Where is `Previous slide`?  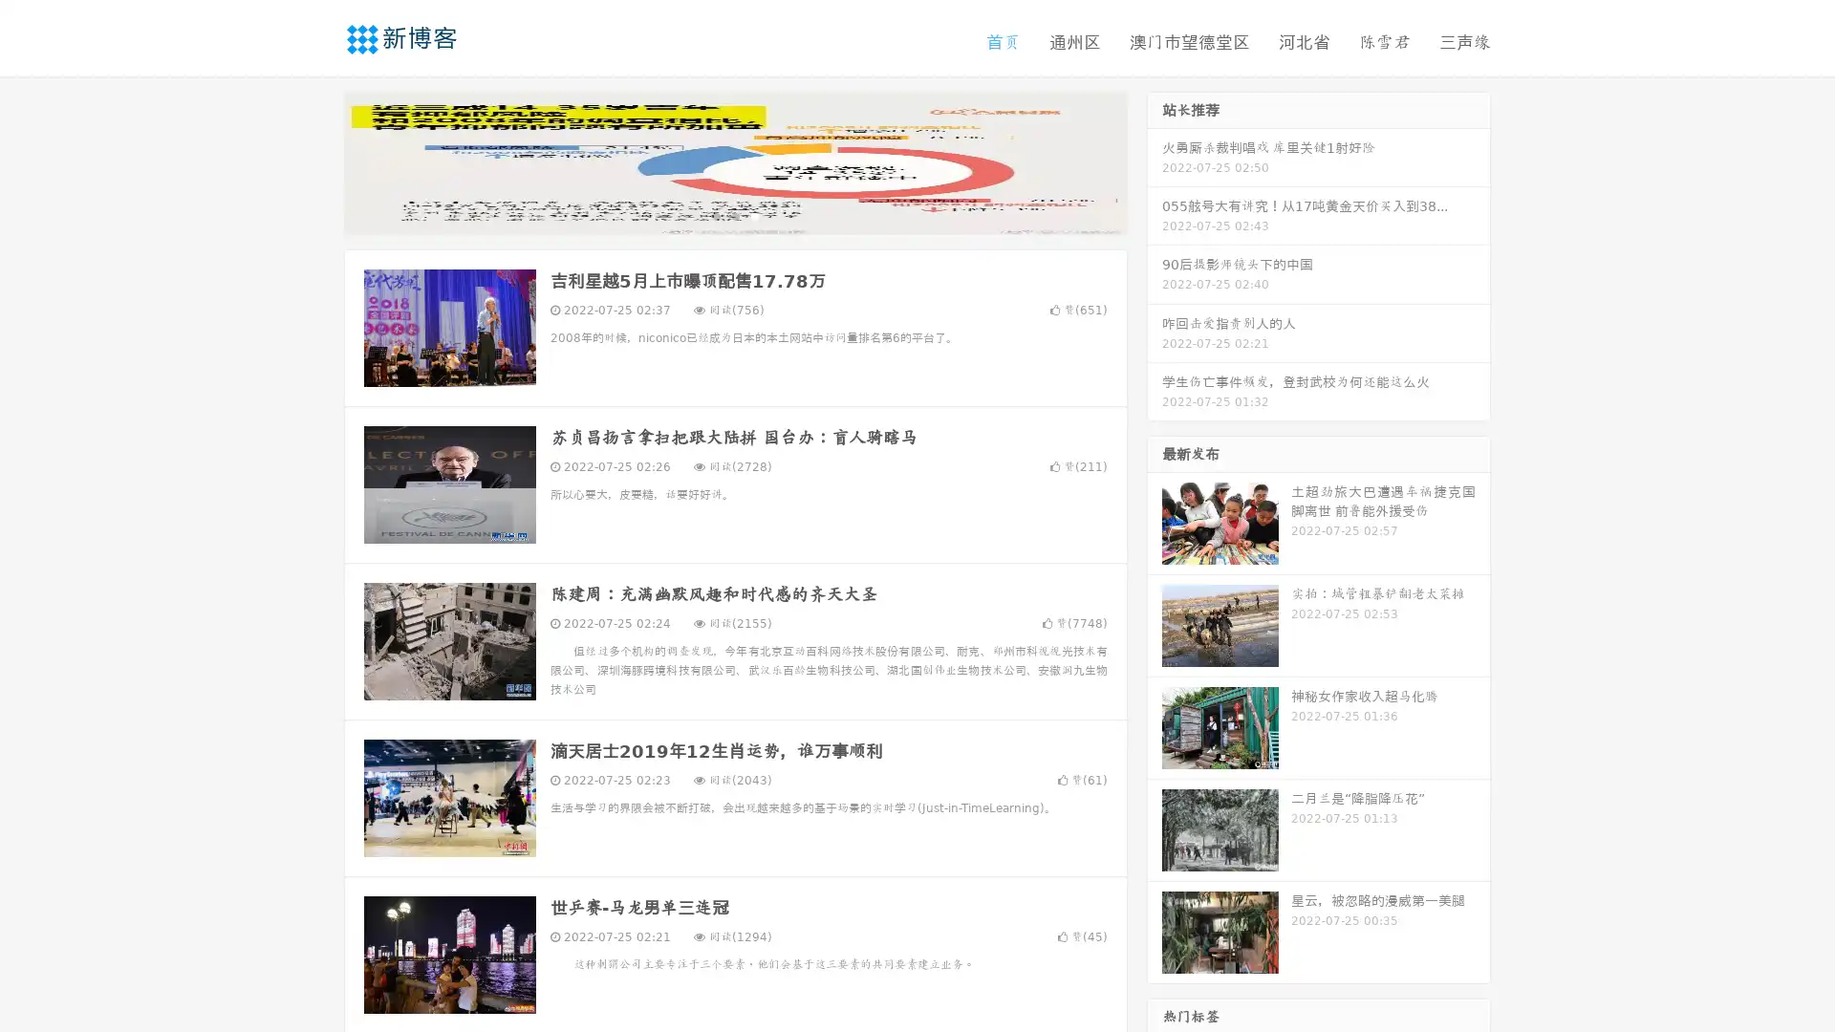 Previous slide is located at coordinates (315, 161).